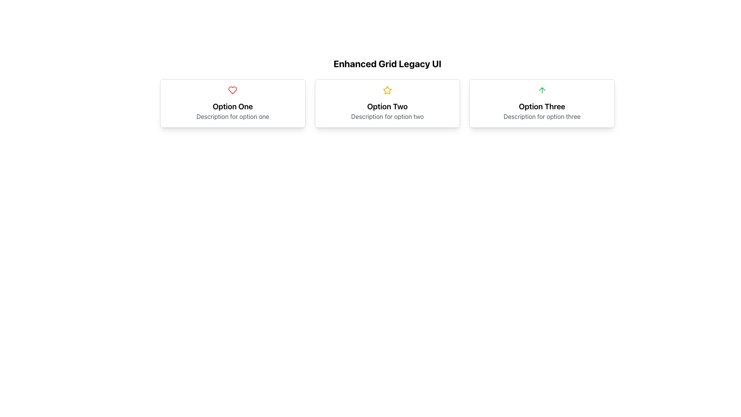 The height and width of the screenshot is (417, 741). I want to click on the star icon centered within the 'Option Two' card, which indicates a rating or selection feature, so click(387, 90).